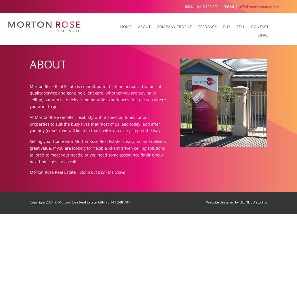  What do you see at coordinates (237, 7) in the screenshot?
I see `'|'` at bounding box center [237, 7].